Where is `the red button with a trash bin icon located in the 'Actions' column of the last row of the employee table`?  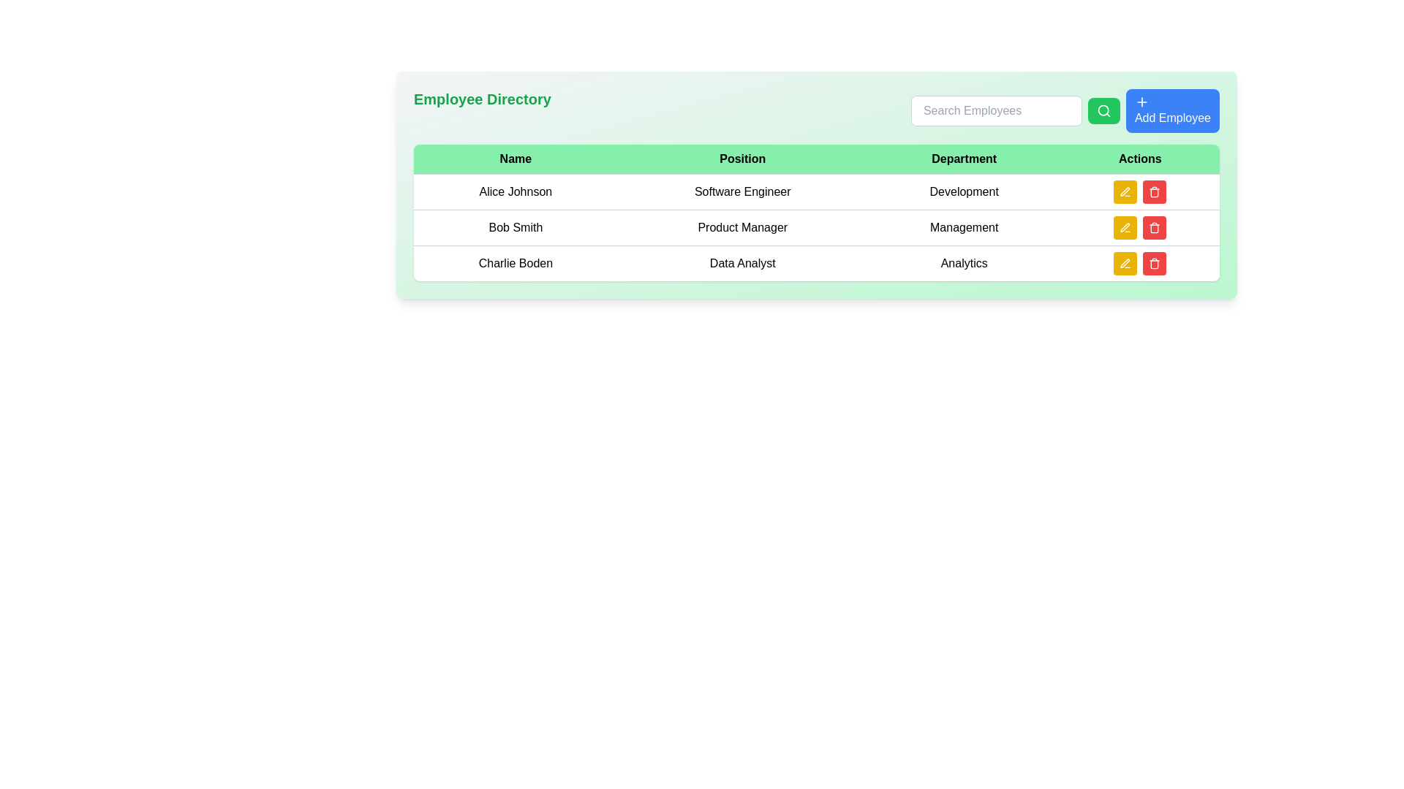
the red button with a trash bin icon located in the 'Actions' column of the last row of the employee table is located at coordinates (1154, 264).